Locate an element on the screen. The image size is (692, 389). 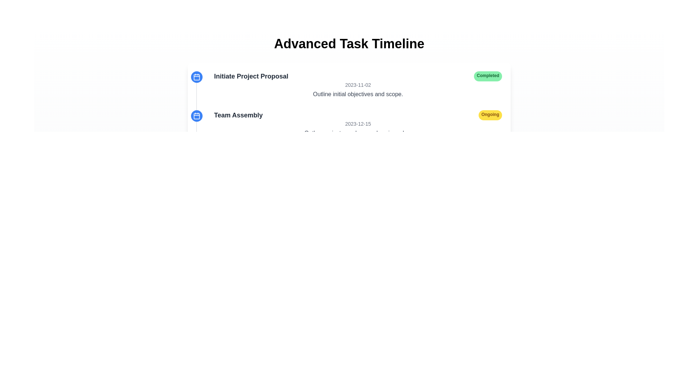
detailed information text about the project milestone 'Initiate Project Proposal', which is located below the date '2023-11-02' in the list item is located at coordinates (358, 94).